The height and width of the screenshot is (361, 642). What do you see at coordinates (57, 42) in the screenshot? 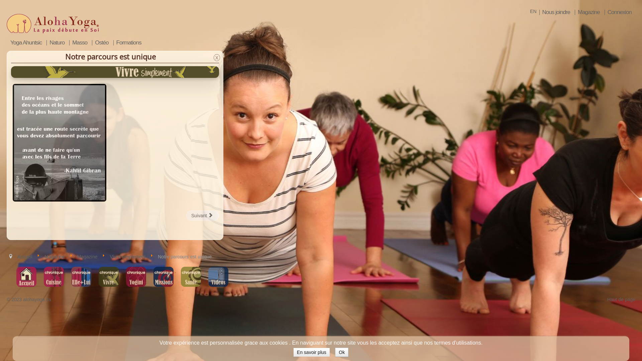
I see `'Naturo'` at bounding box center [57, 42].